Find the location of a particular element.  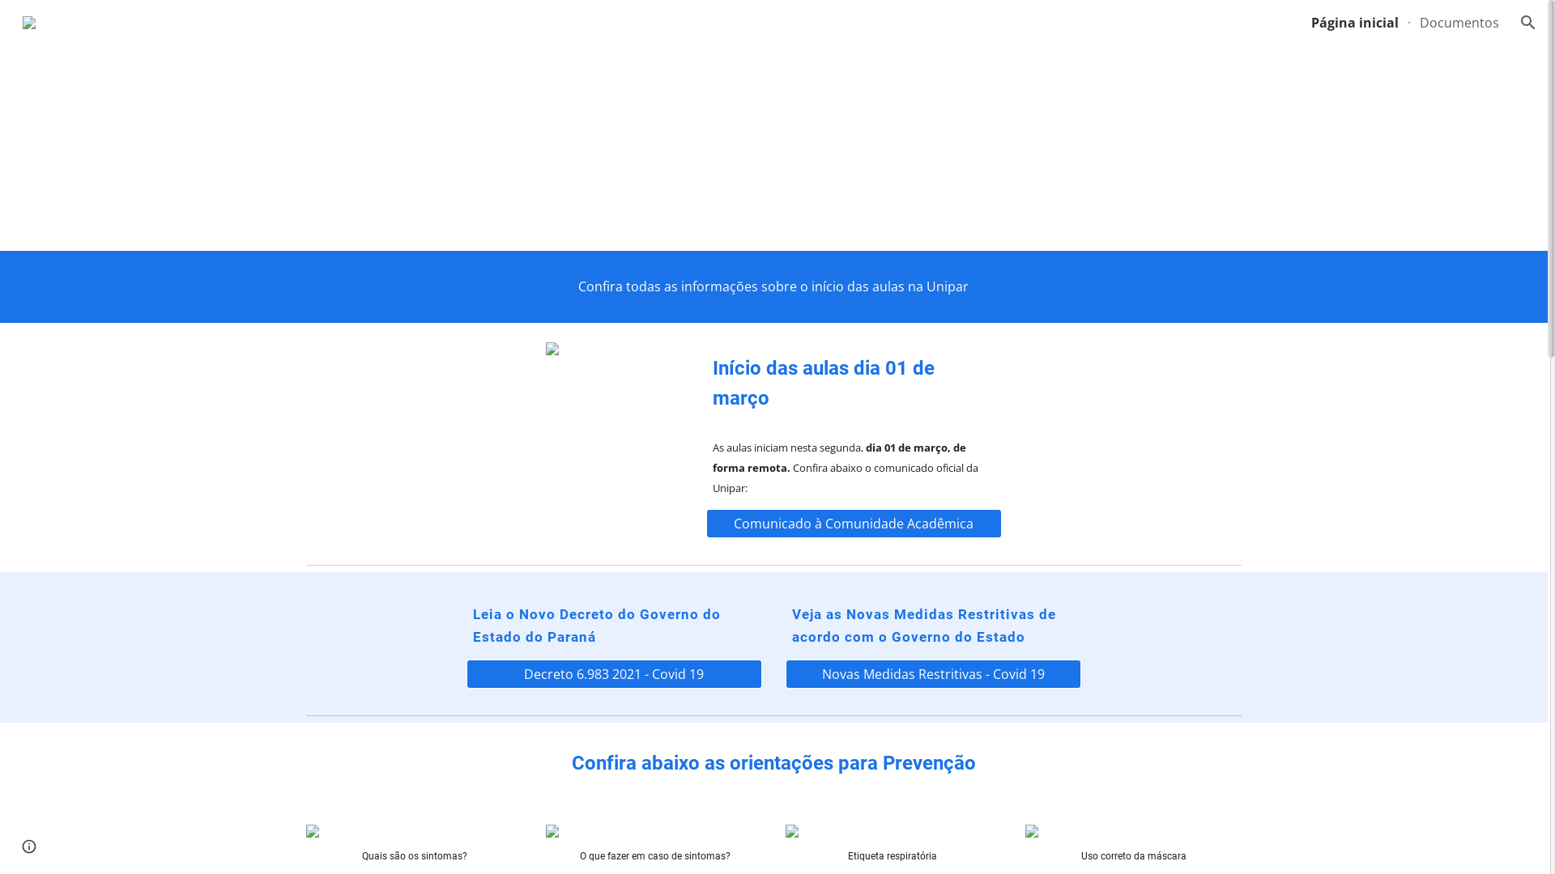

'Novas Medidas Restritivas - Covid 19' is located at coordinates (933, 674).